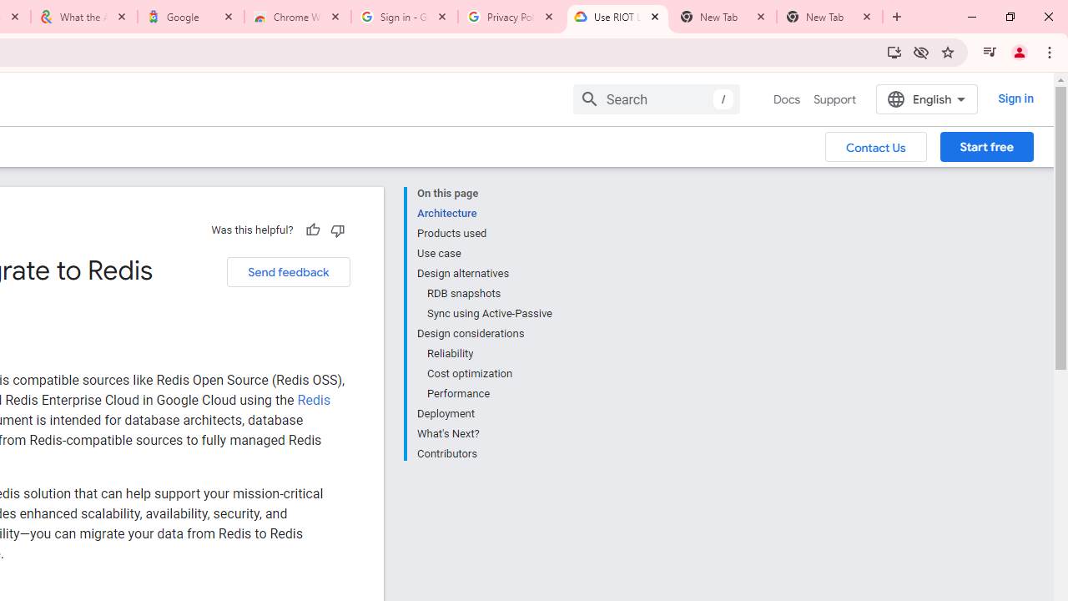 The height and width of the screenshot is (601, 1068). Describe the element at coordinates (483, 433) in the screenshot. I see `'What'` at that location.